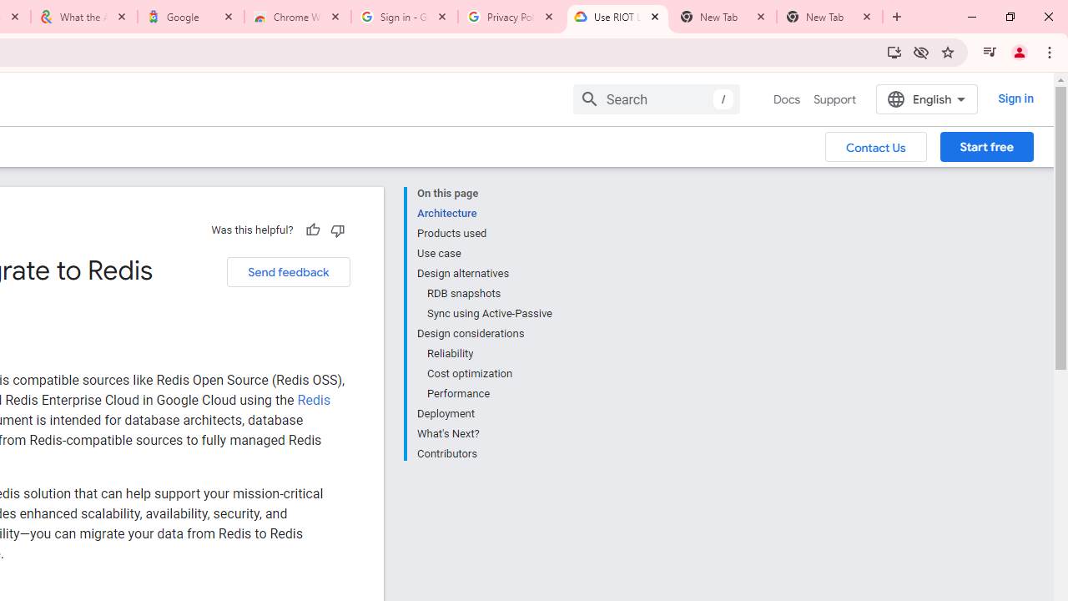 The height and width of the screenshot is (601, 1068). Describe the element at coordinates (483, 433) in the screenshot. I see `'What'` at that location.